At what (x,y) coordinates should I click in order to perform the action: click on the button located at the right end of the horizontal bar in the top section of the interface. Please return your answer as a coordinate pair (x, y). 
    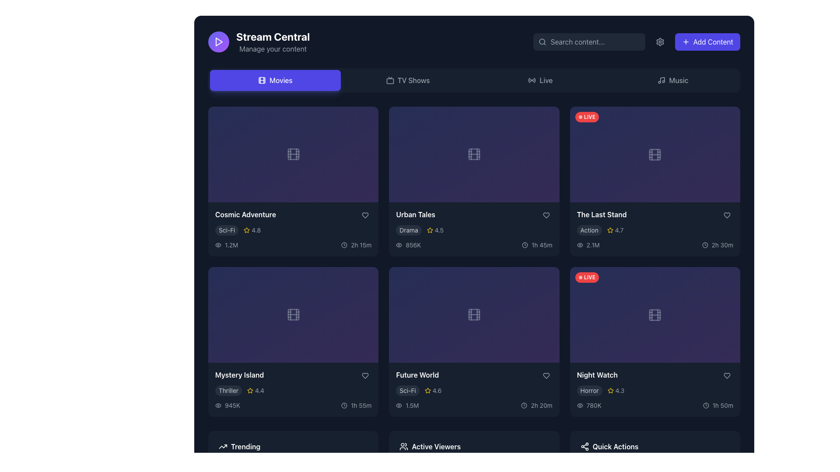
    Looking at the image, I should click on (637, 42).